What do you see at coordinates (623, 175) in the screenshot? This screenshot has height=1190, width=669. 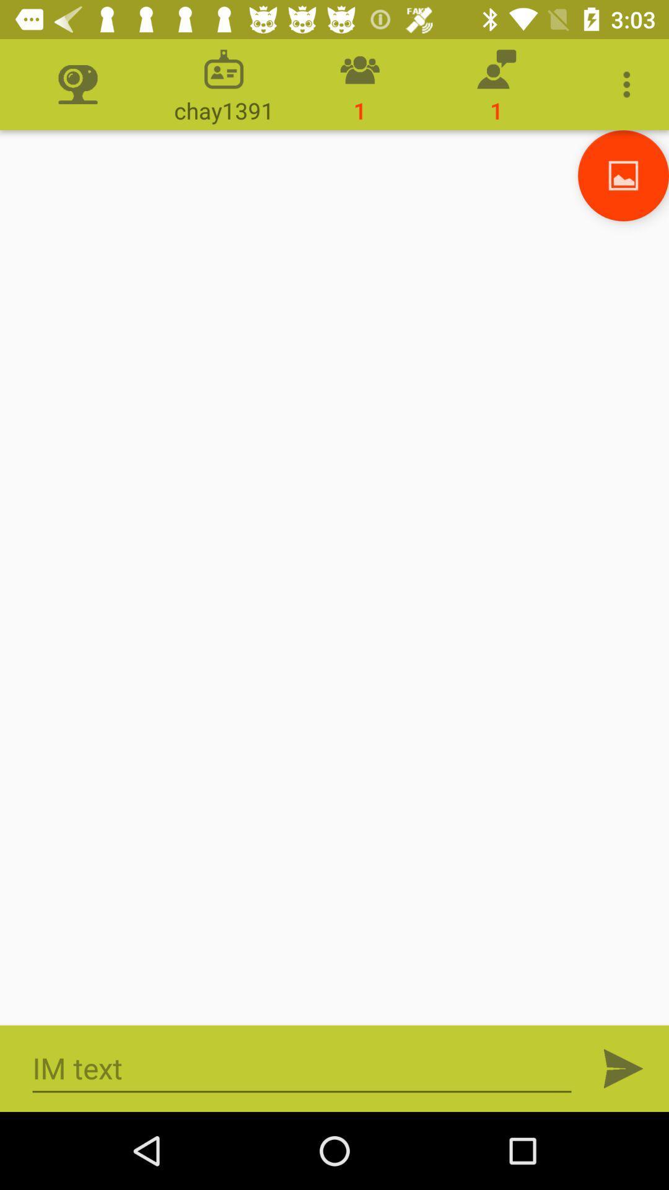 I see `image button` at bounding box center [623, 175].